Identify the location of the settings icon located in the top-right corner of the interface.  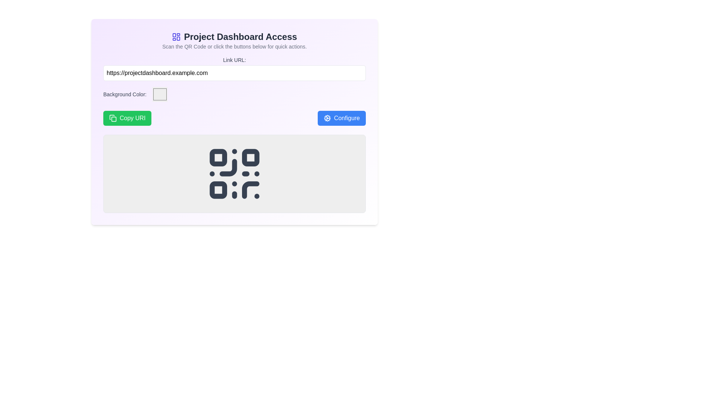
(327, 118).